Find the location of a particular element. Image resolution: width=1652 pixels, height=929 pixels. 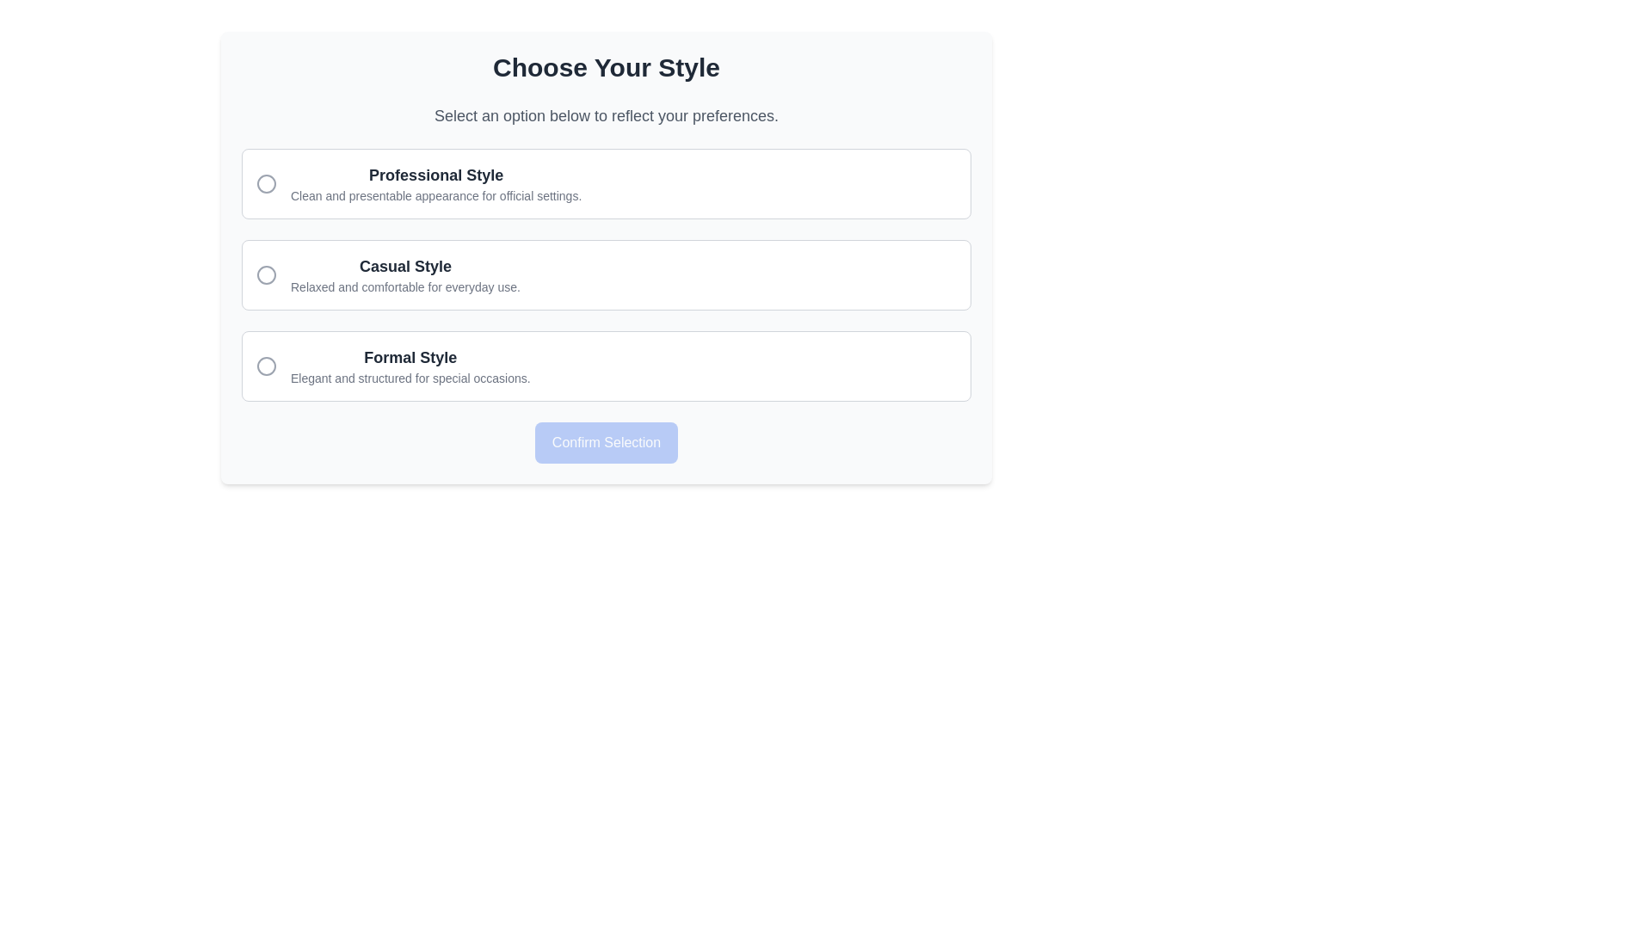

SVG Circle element with a 10-pixel radius that is part of the 'Casual Style' option in the selectable styles list by using developer tools is located at coordinates (266, 274).